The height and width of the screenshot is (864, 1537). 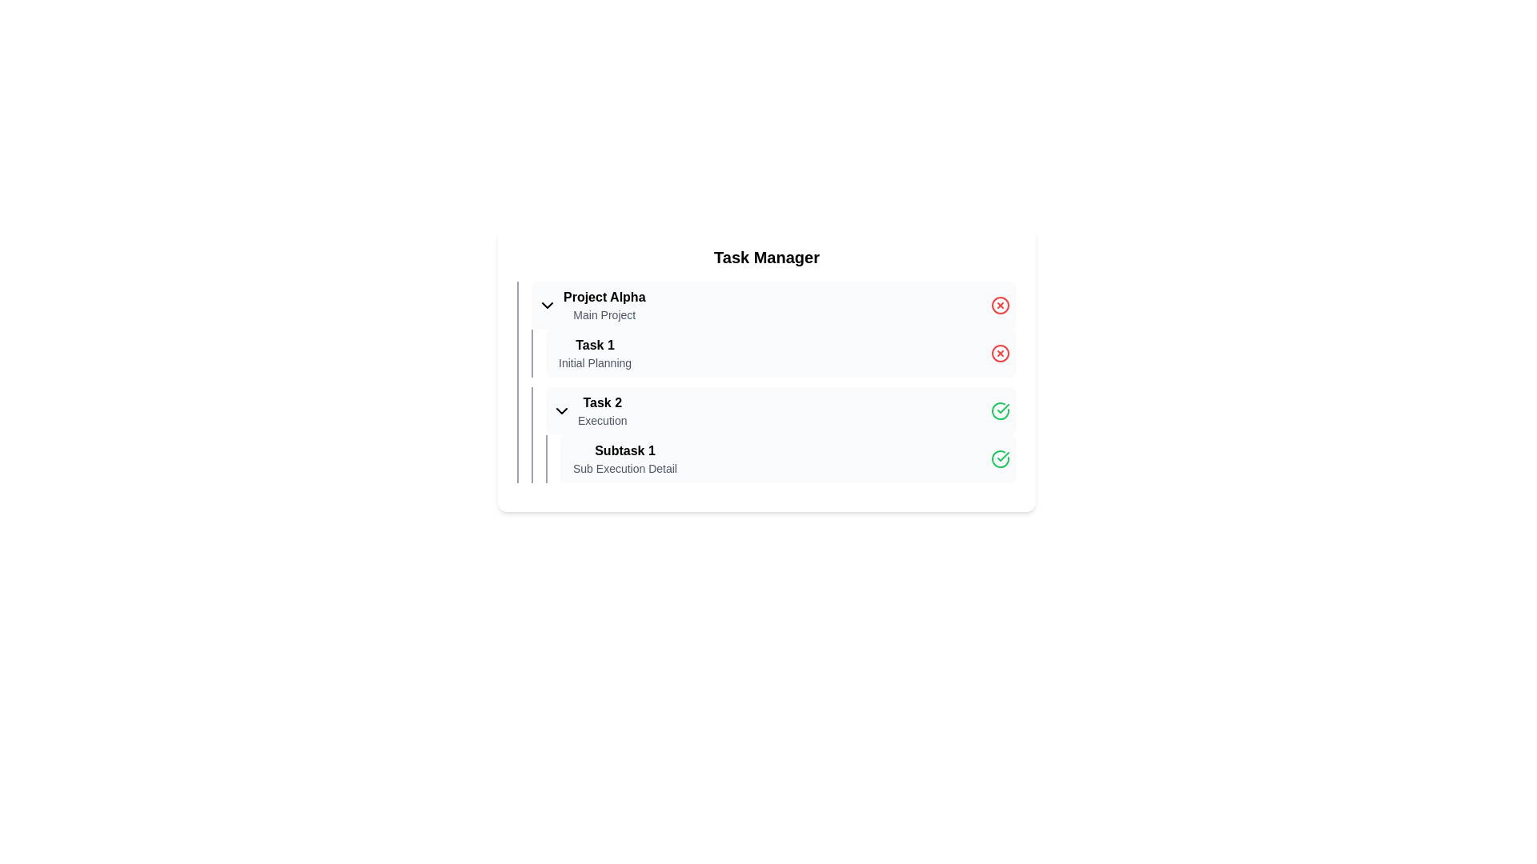 I want to click on text content of the Text label that identifies a specific task within the 'Task Manager' section under 'Project Alpha', so click(x=601, y=402).